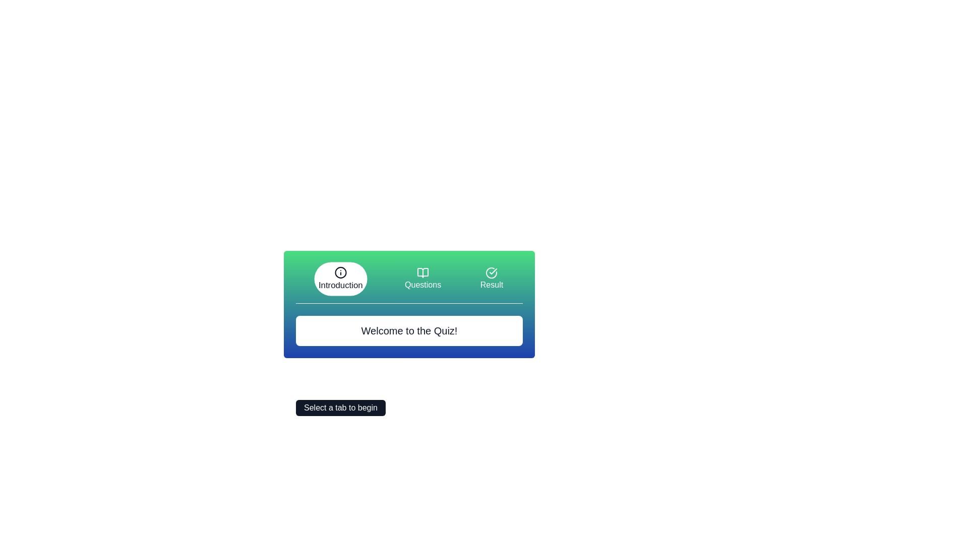  I want to click on the Questions tab by clicking its icon, so click(423, 279).